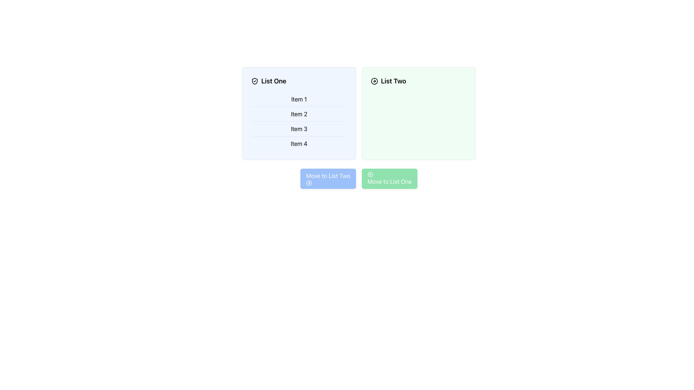 The image size is (694, 390). I want to click on the rightmost button that moves items from 'List Two' back to 'List One', so click(389, 178).